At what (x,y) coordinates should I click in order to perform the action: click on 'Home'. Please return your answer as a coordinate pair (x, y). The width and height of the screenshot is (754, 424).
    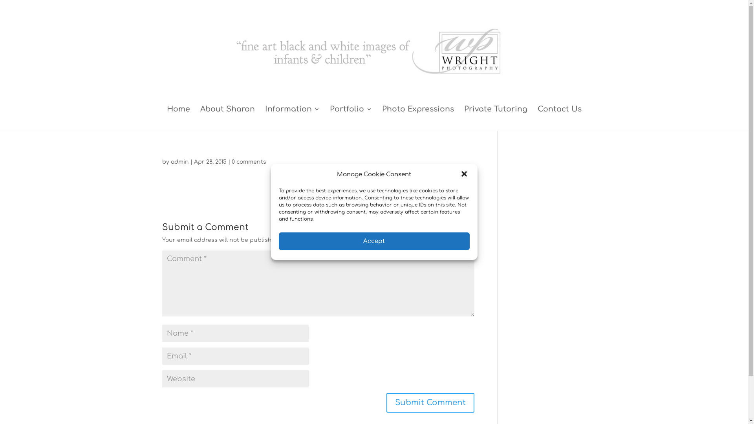
    Looking at the image, I should click on (178, 118).